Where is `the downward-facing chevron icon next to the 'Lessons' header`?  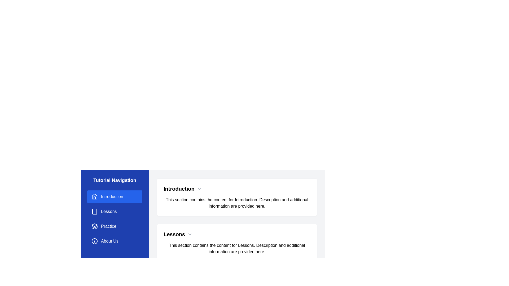 the downward-facing chevron icon next to the 'Lessons' header is located at coordinates (190, 234).